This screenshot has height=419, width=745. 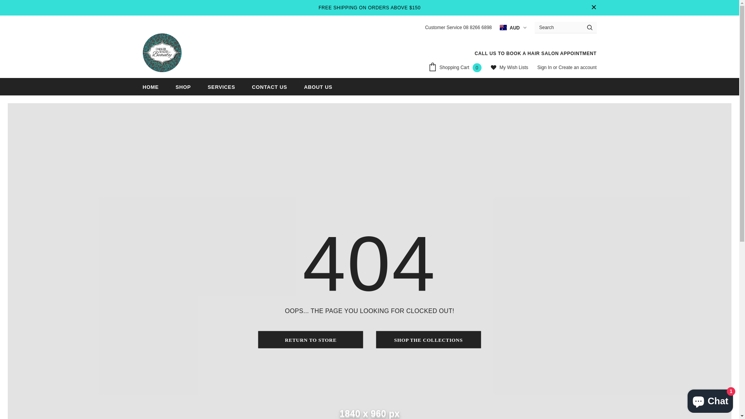 What do you see at coordinates (221, 87) in the screenshot?
I see `'SERVICES'` at bounding box center [221, 87].